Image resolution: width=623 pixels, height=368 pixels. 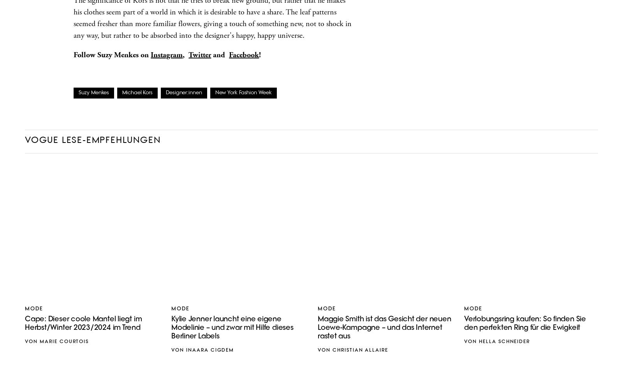 I want to click on 'Facebook', so click(x=244, y=55).